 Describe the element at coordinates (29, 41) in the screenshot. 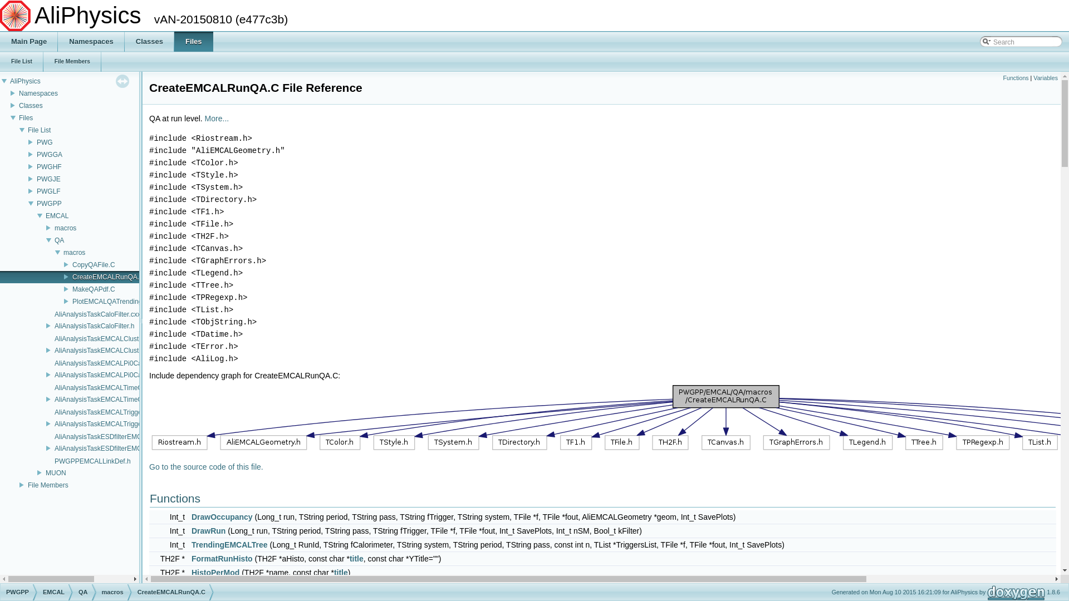

I see `'Main Page'` at that location.